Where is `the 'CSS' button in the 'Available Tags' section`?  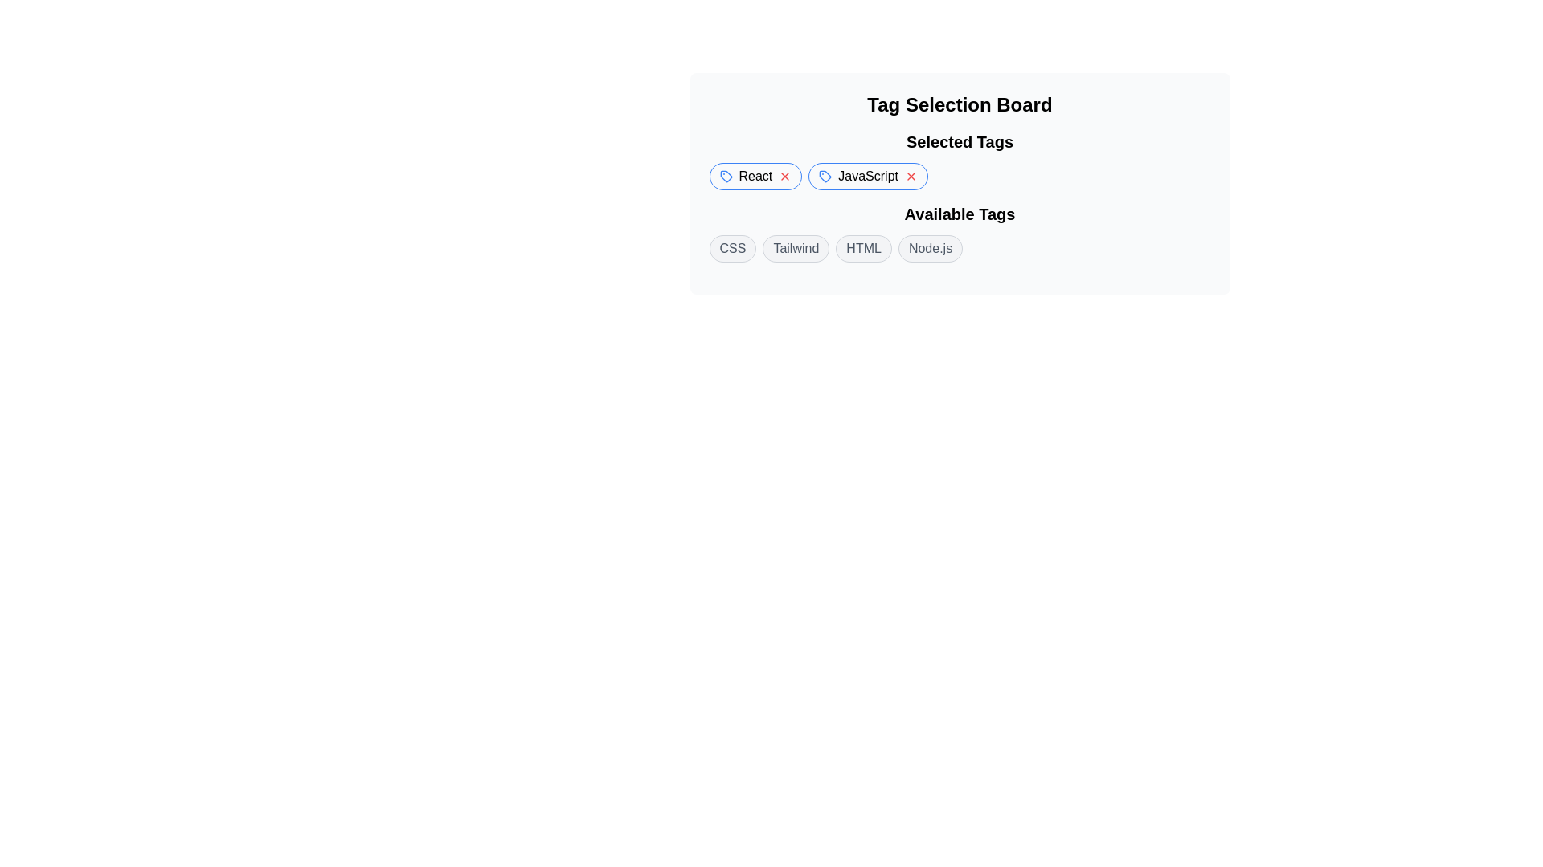 the 'CSS' button in the 'Available Tags' section is located at coordinates (732, 248).